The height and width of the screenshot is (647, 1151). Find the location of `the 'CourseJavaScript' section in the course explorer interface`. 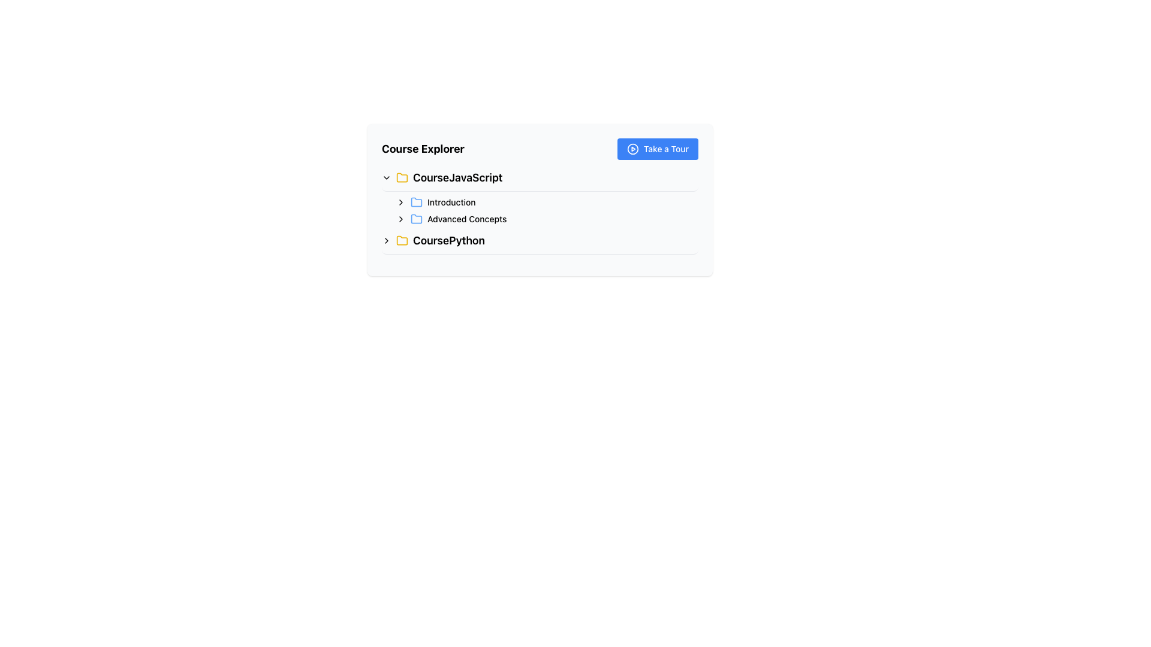

the 'CourseJavaScript' section in the course explorer interface is located at coordinates (540, 196).